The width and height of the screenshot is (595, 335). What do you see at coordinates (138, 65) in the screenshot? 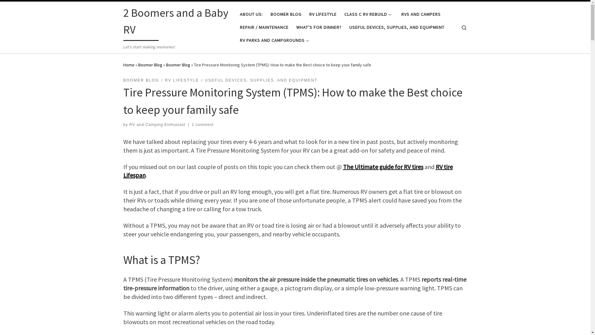
I see `'Boomer Blog'` at bounding box center [138, 65].